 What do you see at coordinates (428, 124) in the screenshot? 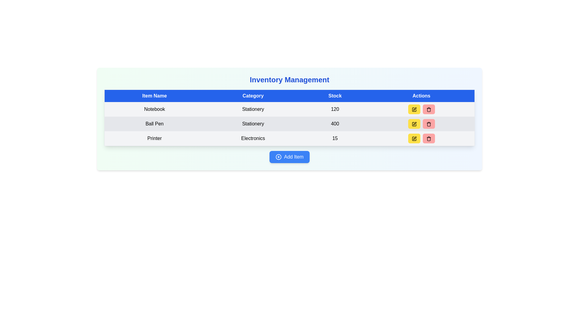
I see `the red rounded rectangular button with a trash can icon` at bounding box center [428, 124].